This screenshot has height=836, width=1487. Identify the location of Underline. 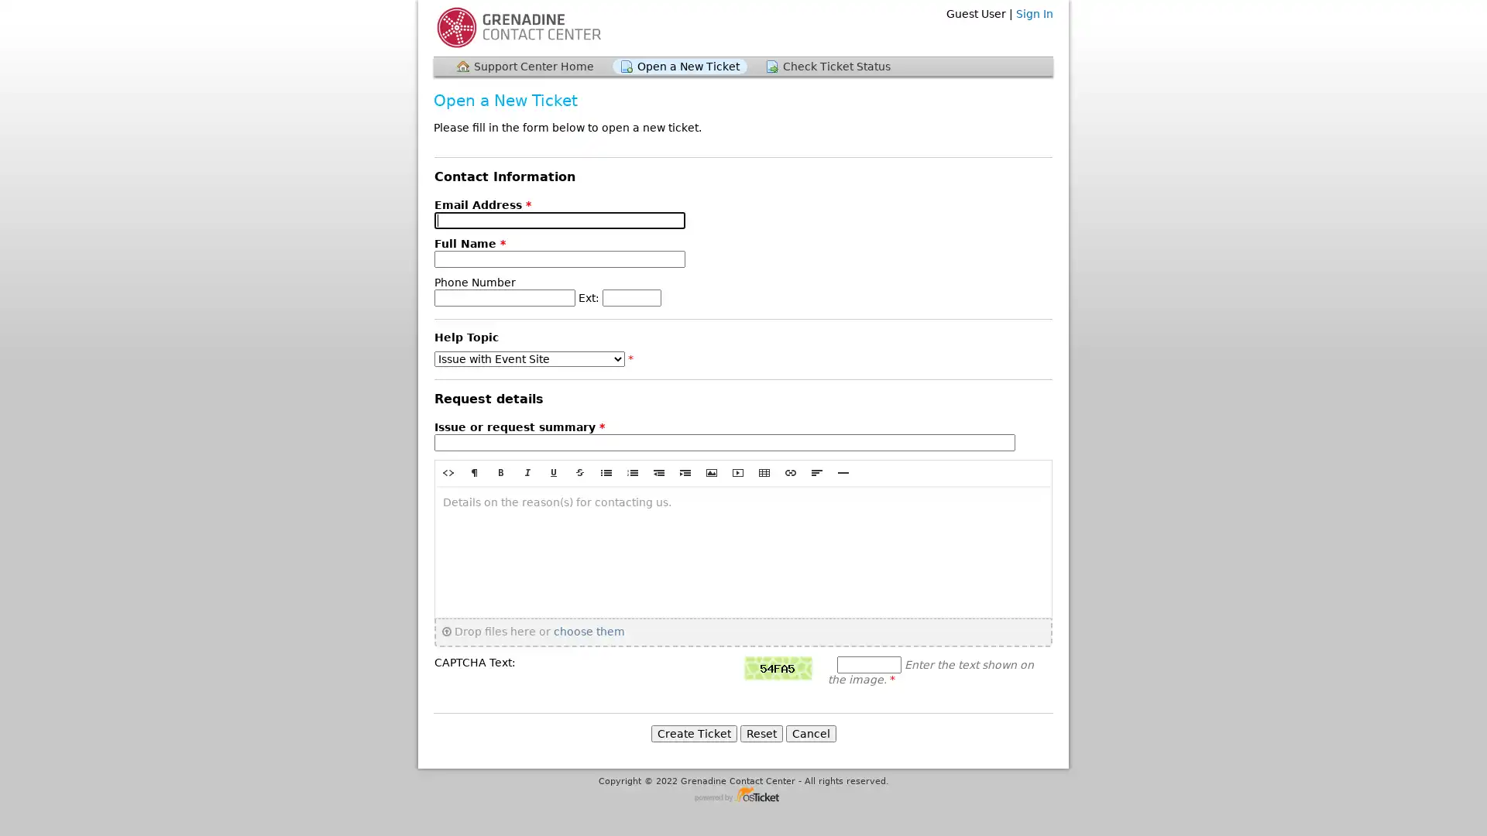
(554, 471).